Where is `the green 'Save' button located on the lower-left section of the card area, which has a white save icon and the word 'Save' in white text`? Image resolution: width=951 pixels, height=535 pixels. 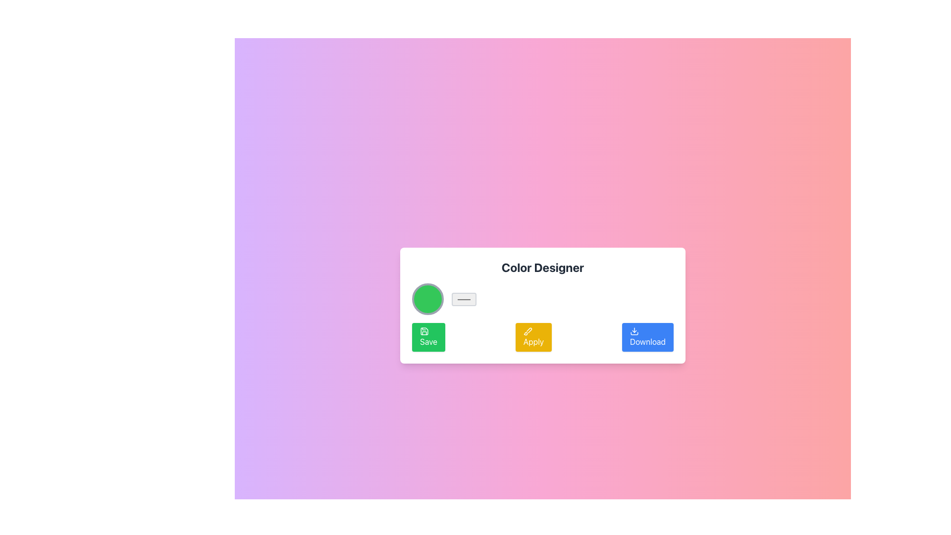
the green 'Save' button located on the lower-left section of the card area, which has a white save icon and the word 'Save' in white text is located at coordinates (428, 337).